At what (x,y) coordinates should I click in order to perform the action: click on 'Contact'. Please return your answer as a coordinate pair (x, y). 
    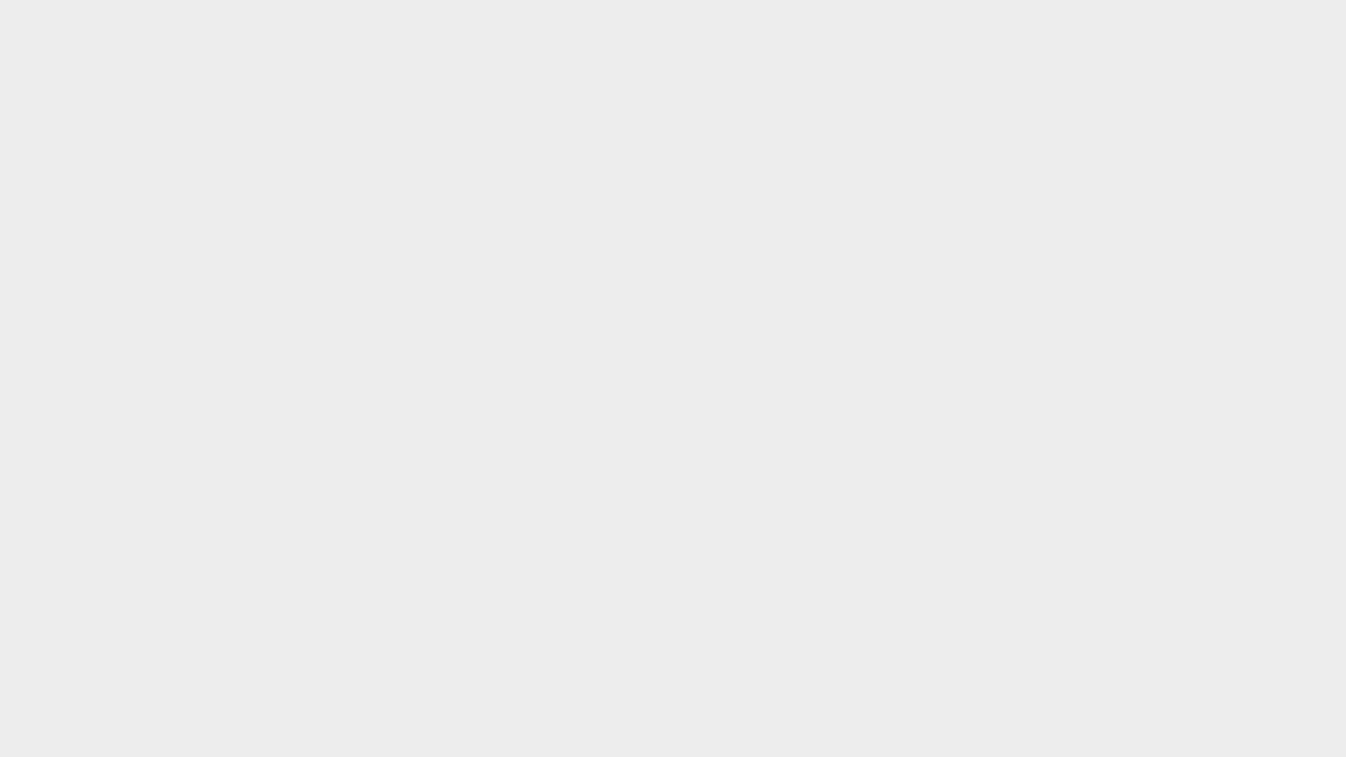
    Looking at the image, I should click on (1009, 86).